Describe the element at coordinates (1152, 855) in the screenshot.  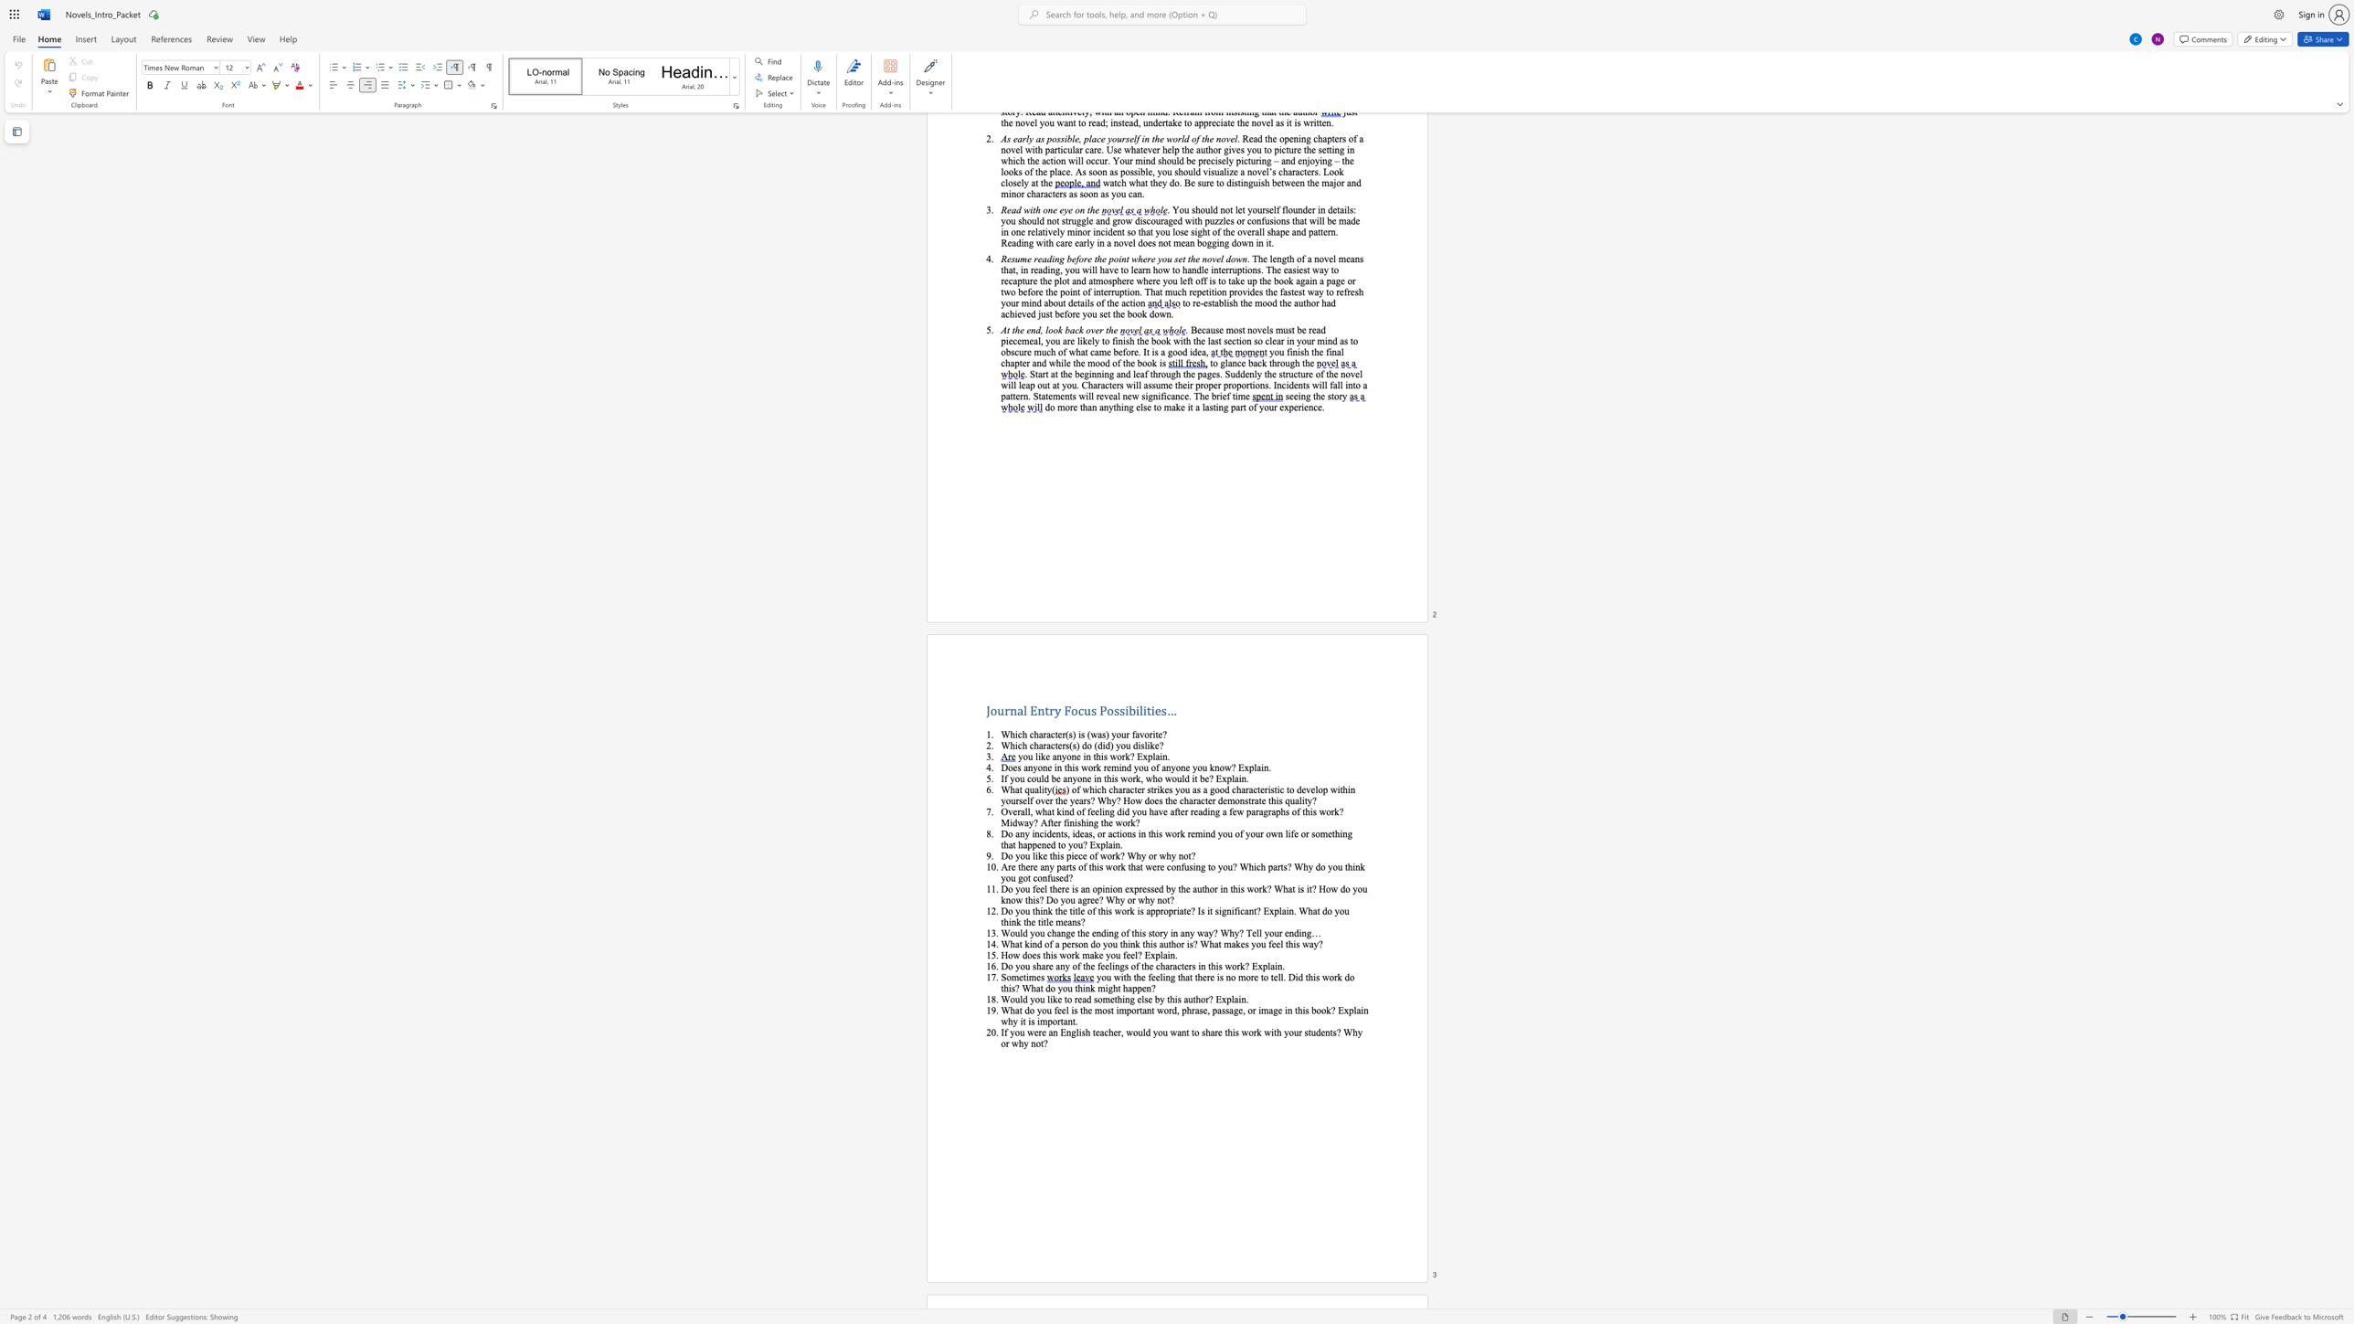
I see `the subset text "r wh" within the text "Do you like this piece of work? Why or why not?"` at that location.